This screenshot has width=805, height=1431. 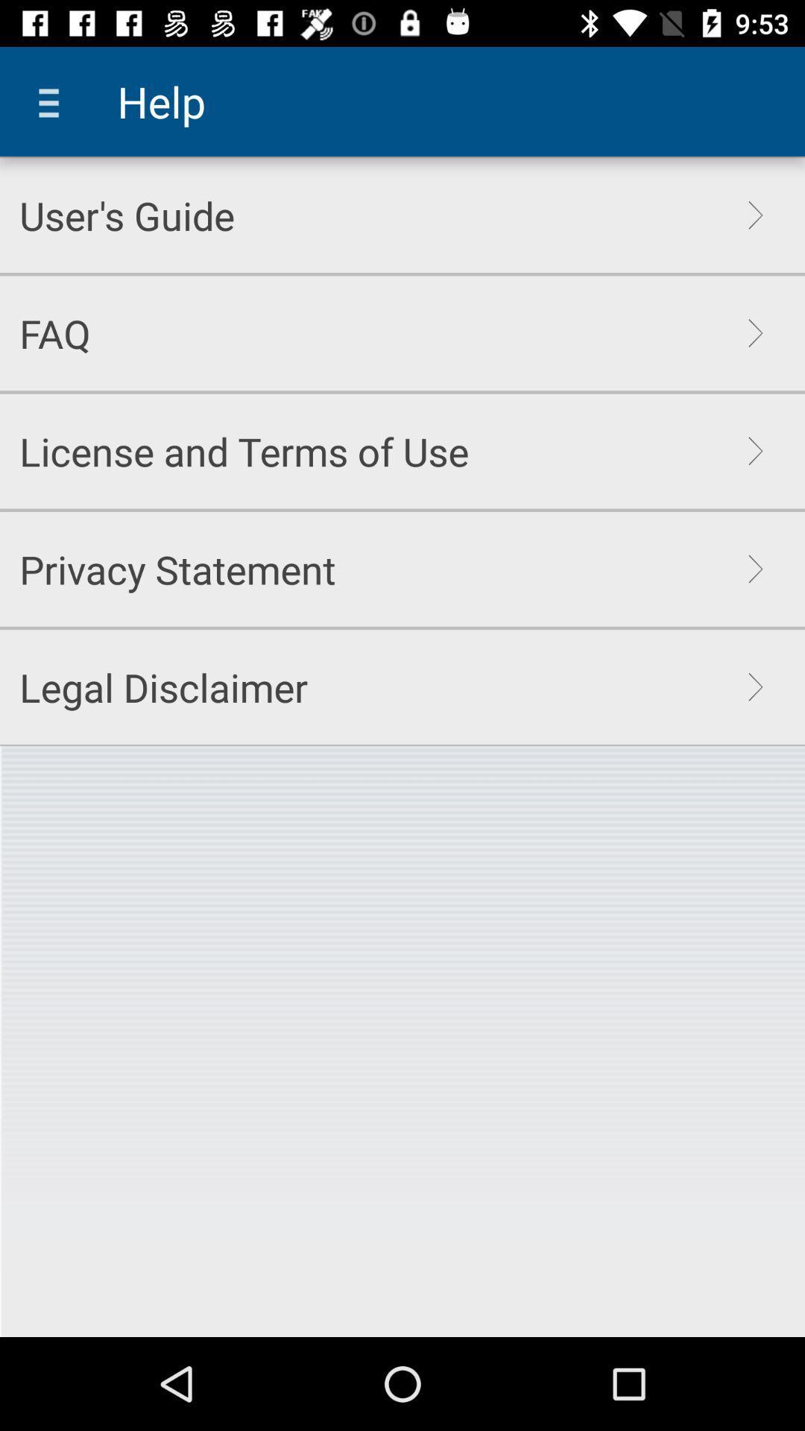 I want to click on the item below the user's guide, so click(x=54, y=332).